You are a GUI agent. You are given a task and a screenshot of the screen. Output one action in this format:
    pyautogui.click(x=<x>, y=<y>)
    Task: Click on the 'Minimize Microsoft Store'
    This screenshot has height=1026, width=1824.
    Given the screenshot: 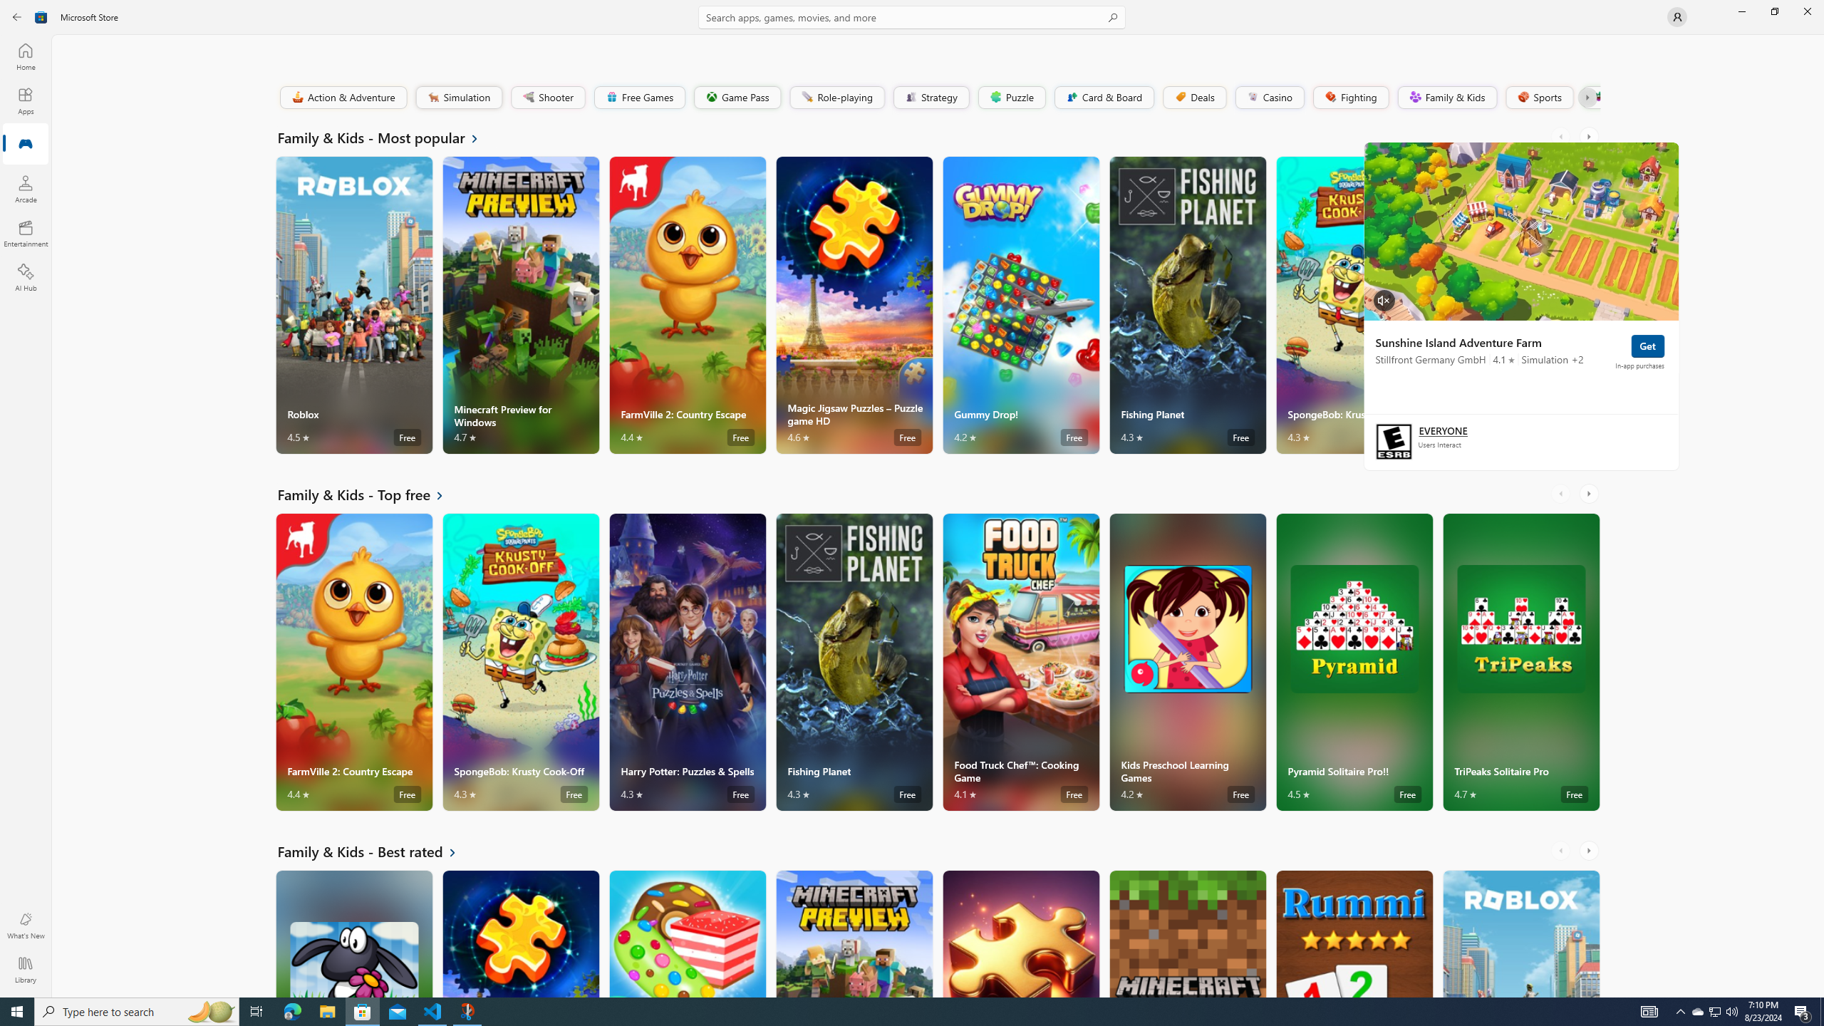 What is the action you would take?
    pyautogui.click(x=1741, y=11)
    